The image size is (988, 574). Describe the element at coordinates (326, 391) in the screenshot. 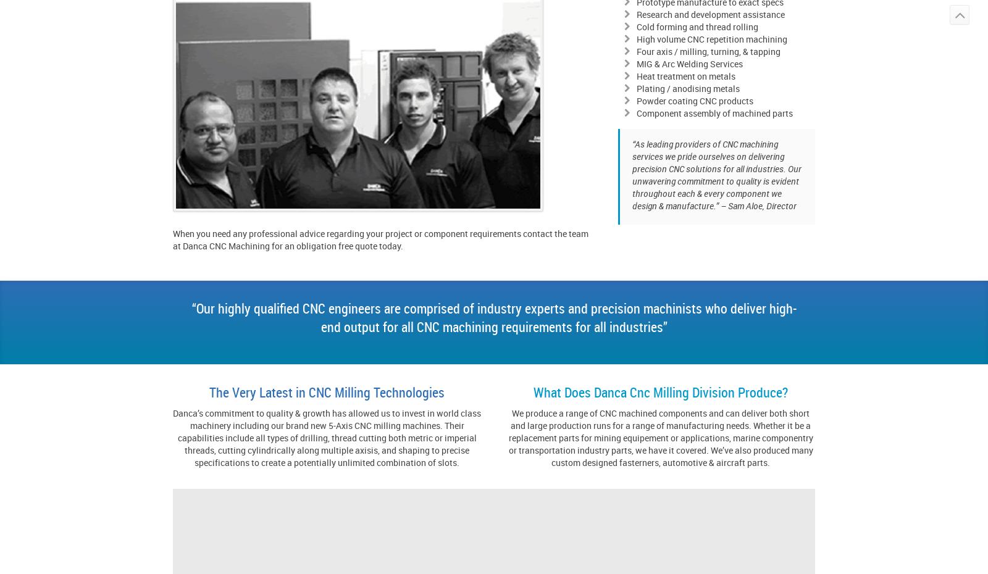

I see `'The Very Latest in CNC Milling Technologies'` at that location.